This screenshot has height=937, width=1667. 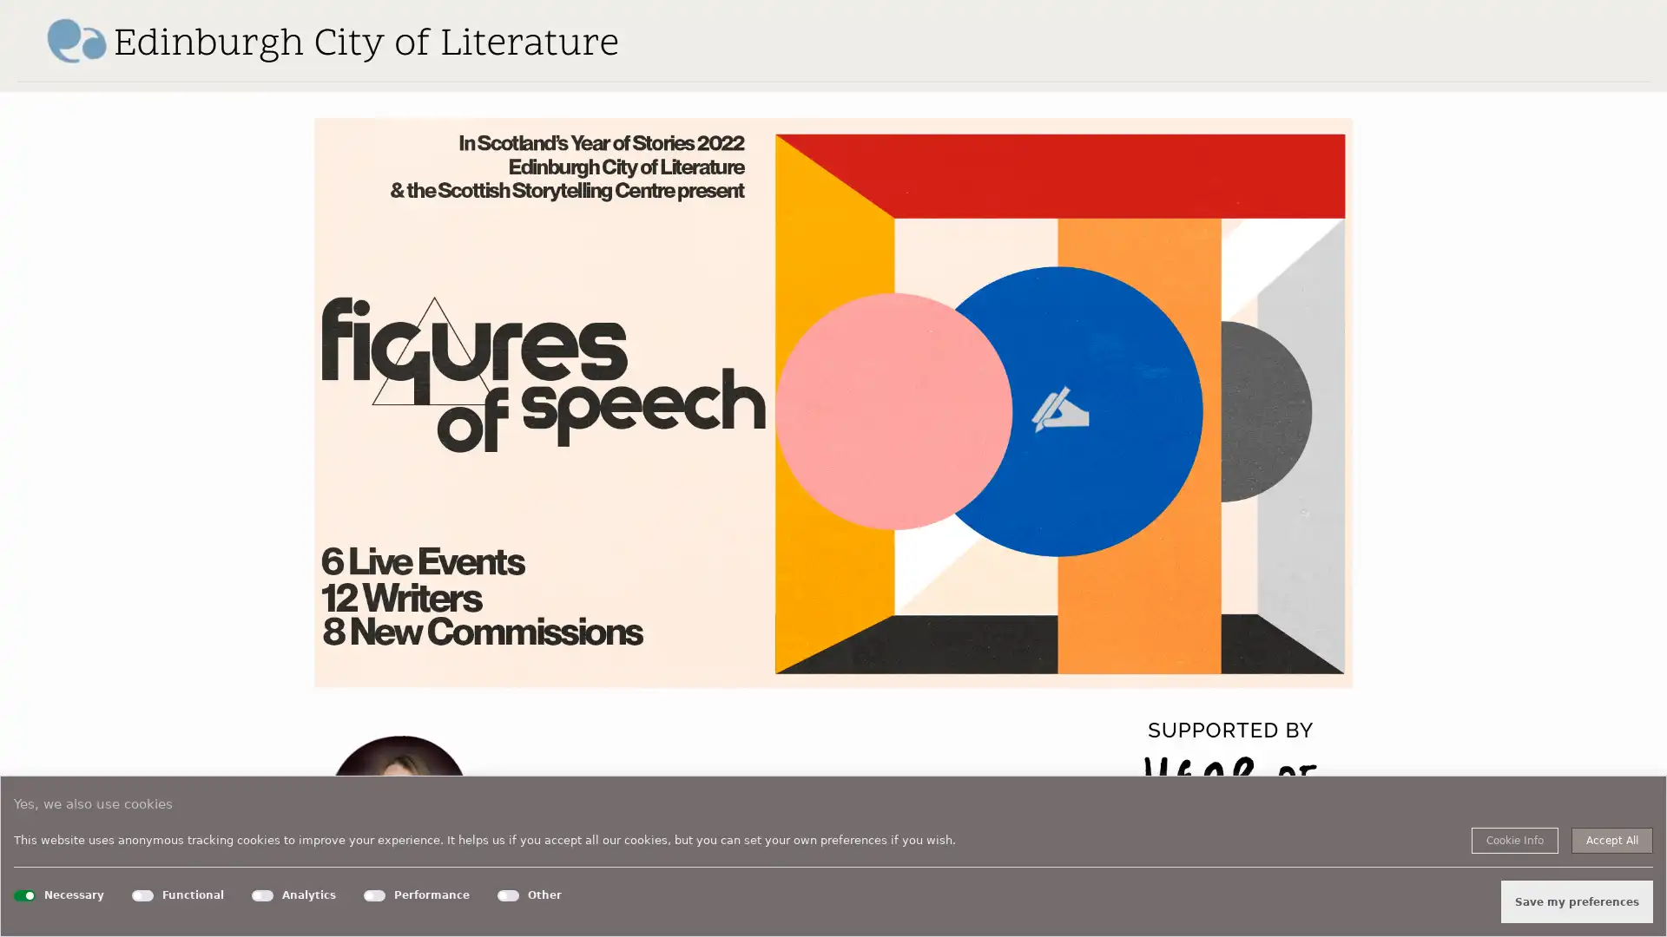 I want to click on Save my preferences, so click(x=1577, y=901).